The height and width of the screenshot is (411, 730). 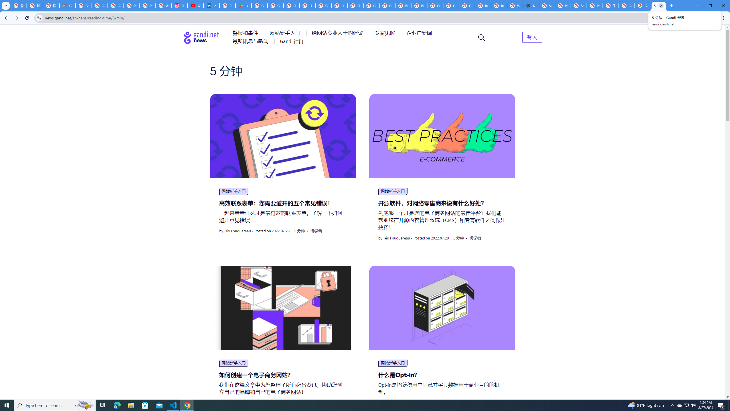 I want to click on 'Google Cloud Platform', so click(x=451, y=5).